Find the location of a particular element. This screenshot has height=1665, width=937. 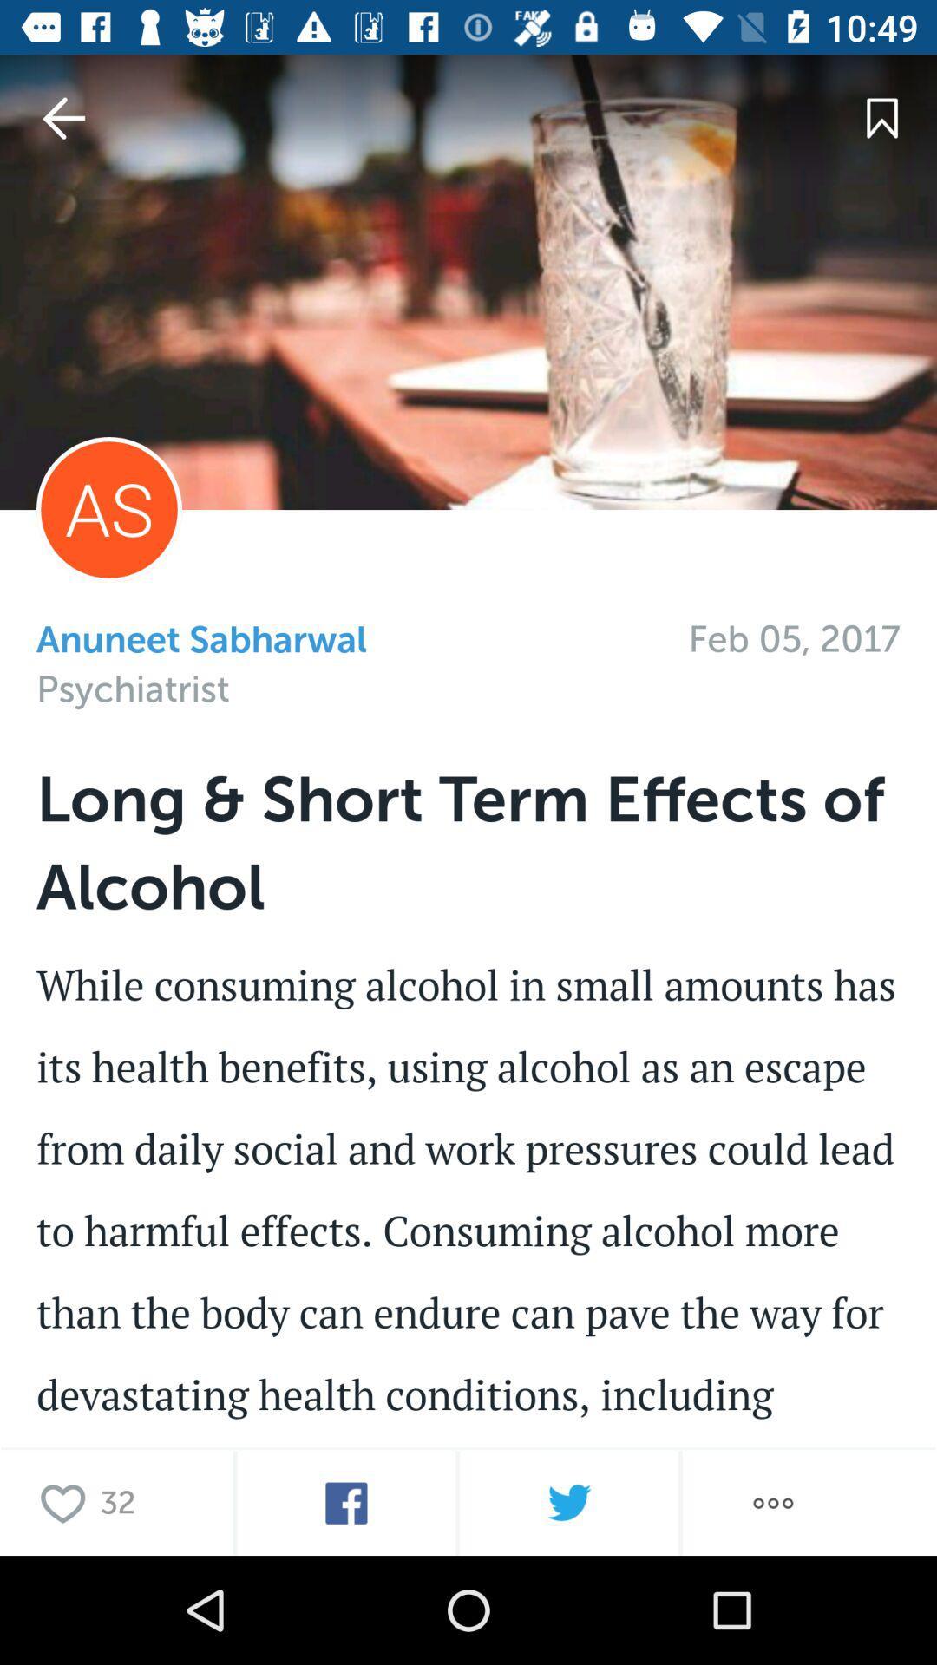

more options button is located at coordinates (772, 1502).